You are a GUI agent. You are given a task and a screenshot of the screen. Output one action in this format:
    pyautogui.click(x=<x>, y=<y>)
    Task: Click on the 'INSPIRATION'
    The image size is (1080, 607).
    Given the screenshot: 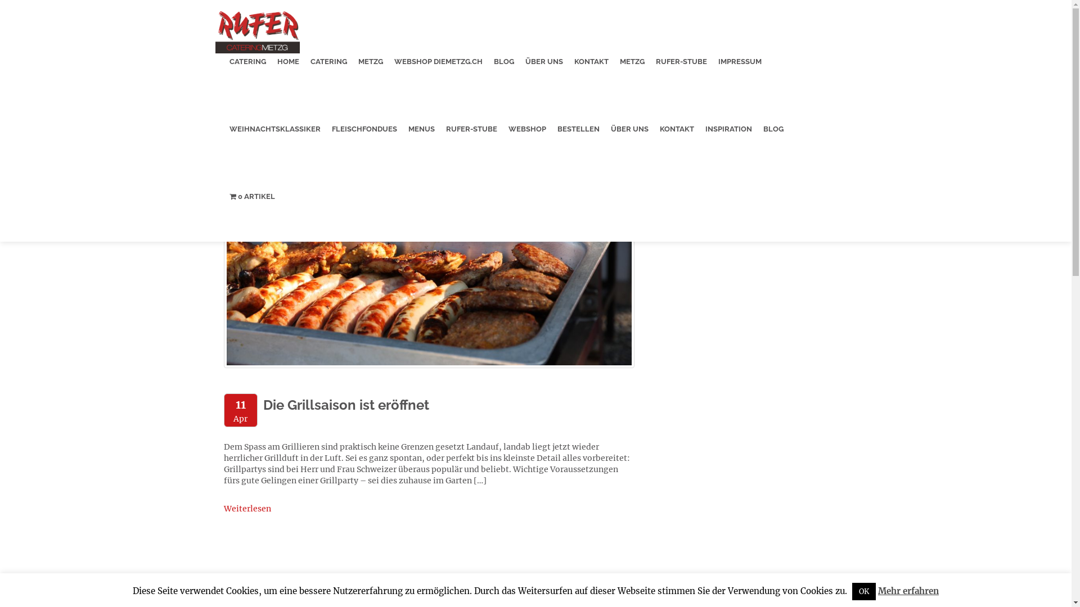 What is the action you would take?
    pyautogui.click(x=728, y=129)
    